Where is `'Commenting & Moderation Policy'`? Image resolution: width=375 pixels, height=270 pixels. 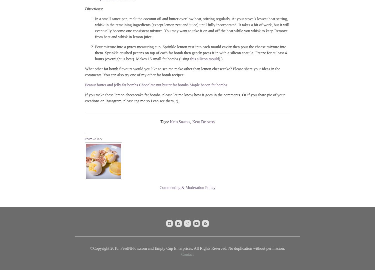 'Commenting & Moderation Policy' is located at coordinates (187, 187).